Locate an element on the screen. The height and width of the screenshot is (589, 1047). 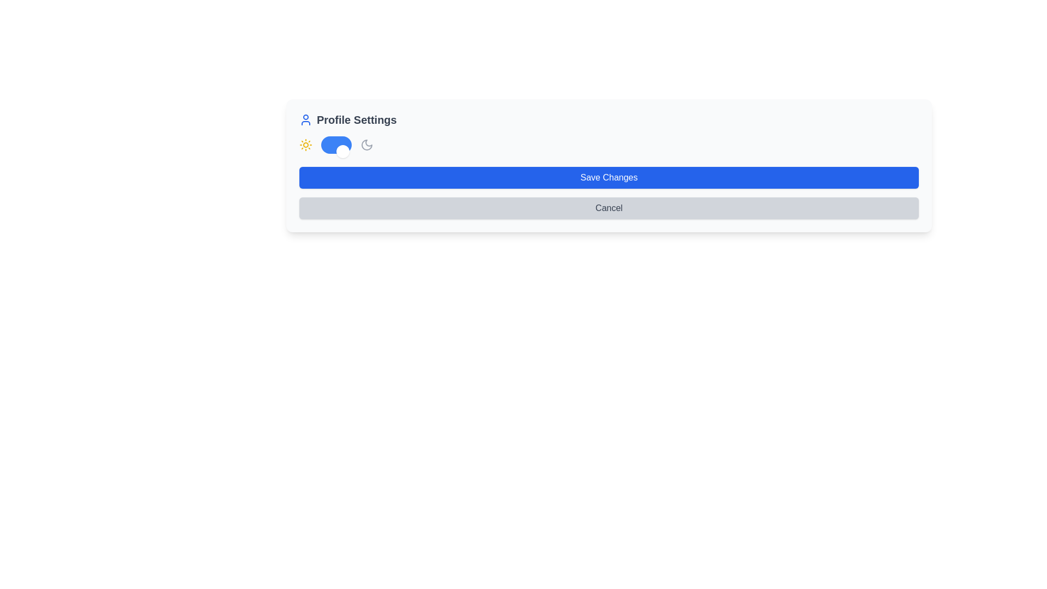
the toggle switch located in the Profile Settings section, positioned between the yellow sun icon and the gray moon icon, to switch between light mode and dark mode is located at coordinates (336, 145).